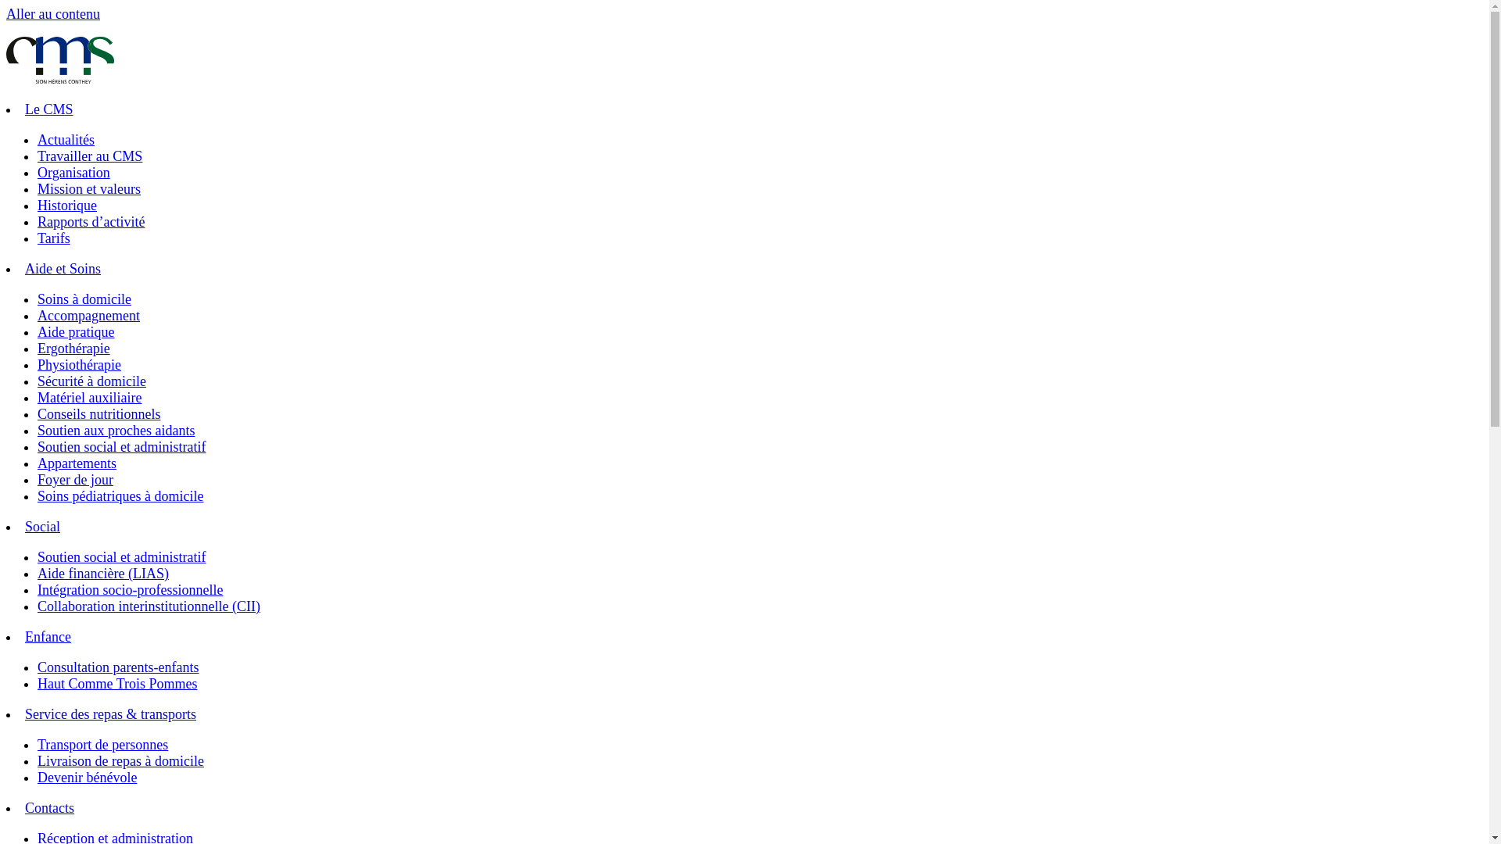 The width and height of the screenshot is (1501, 844). I want to click on 'Conseils nutritionnels', so click(98, 413).